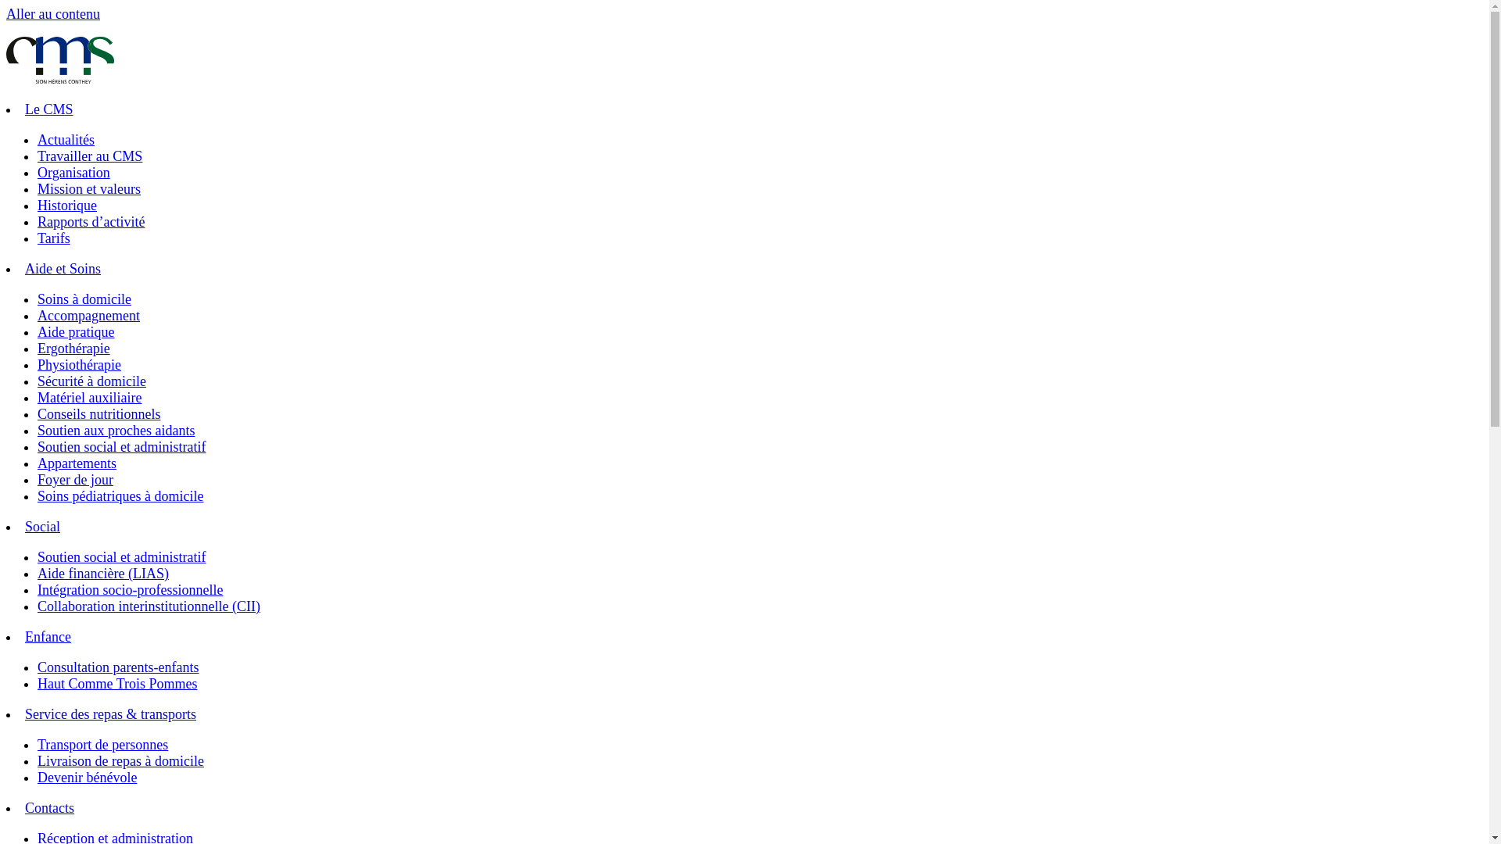 The width and height of the screenshot is (1501, 844). I want to click on 'Conseils nutritionnels', so click(98, 413).